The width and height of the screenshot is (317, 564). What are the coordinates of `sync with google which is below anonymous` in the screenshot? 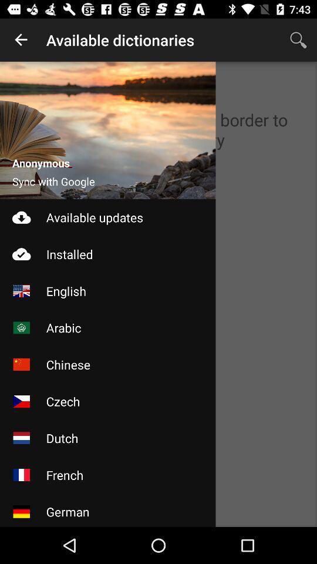 It's located at (53, 182).